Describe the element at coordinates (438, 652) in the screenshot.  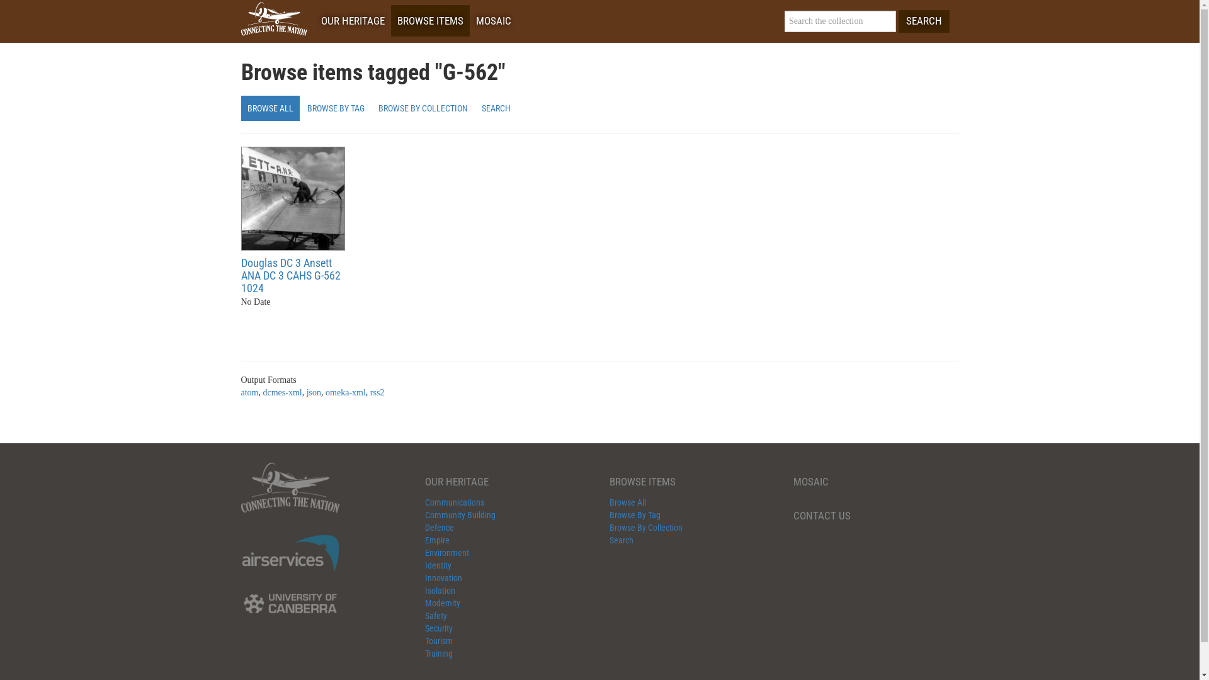
I see `'Training'` at that location.